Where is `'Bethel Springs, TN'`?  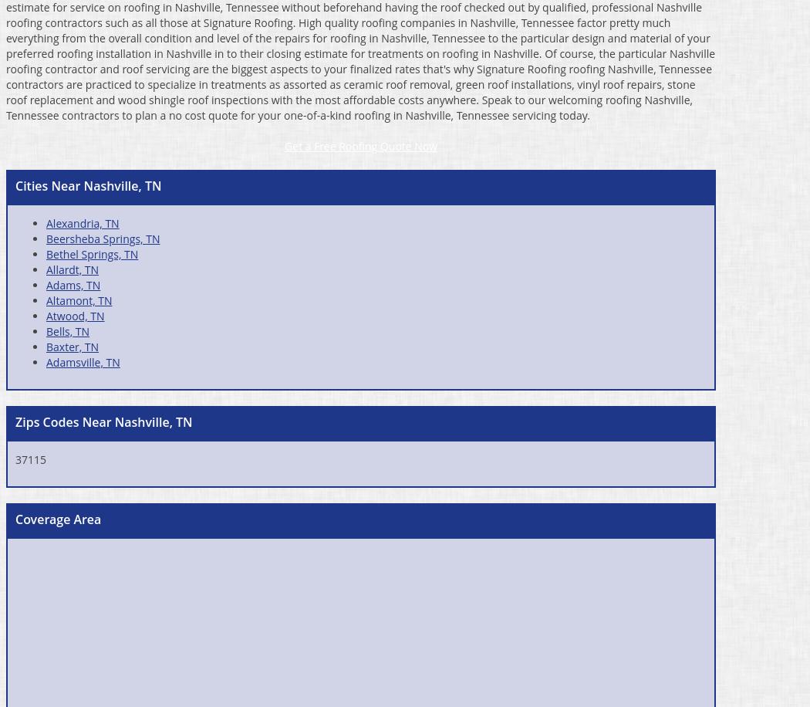
'Bethel Springs, TN' is located at coordinates (91, 252).